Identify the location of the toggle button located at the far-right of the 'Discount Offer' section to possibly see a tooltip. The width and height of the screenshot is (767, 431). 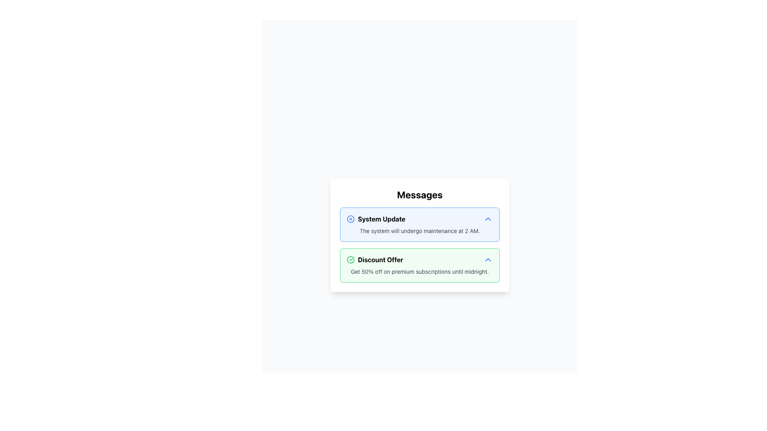
(488, 260).